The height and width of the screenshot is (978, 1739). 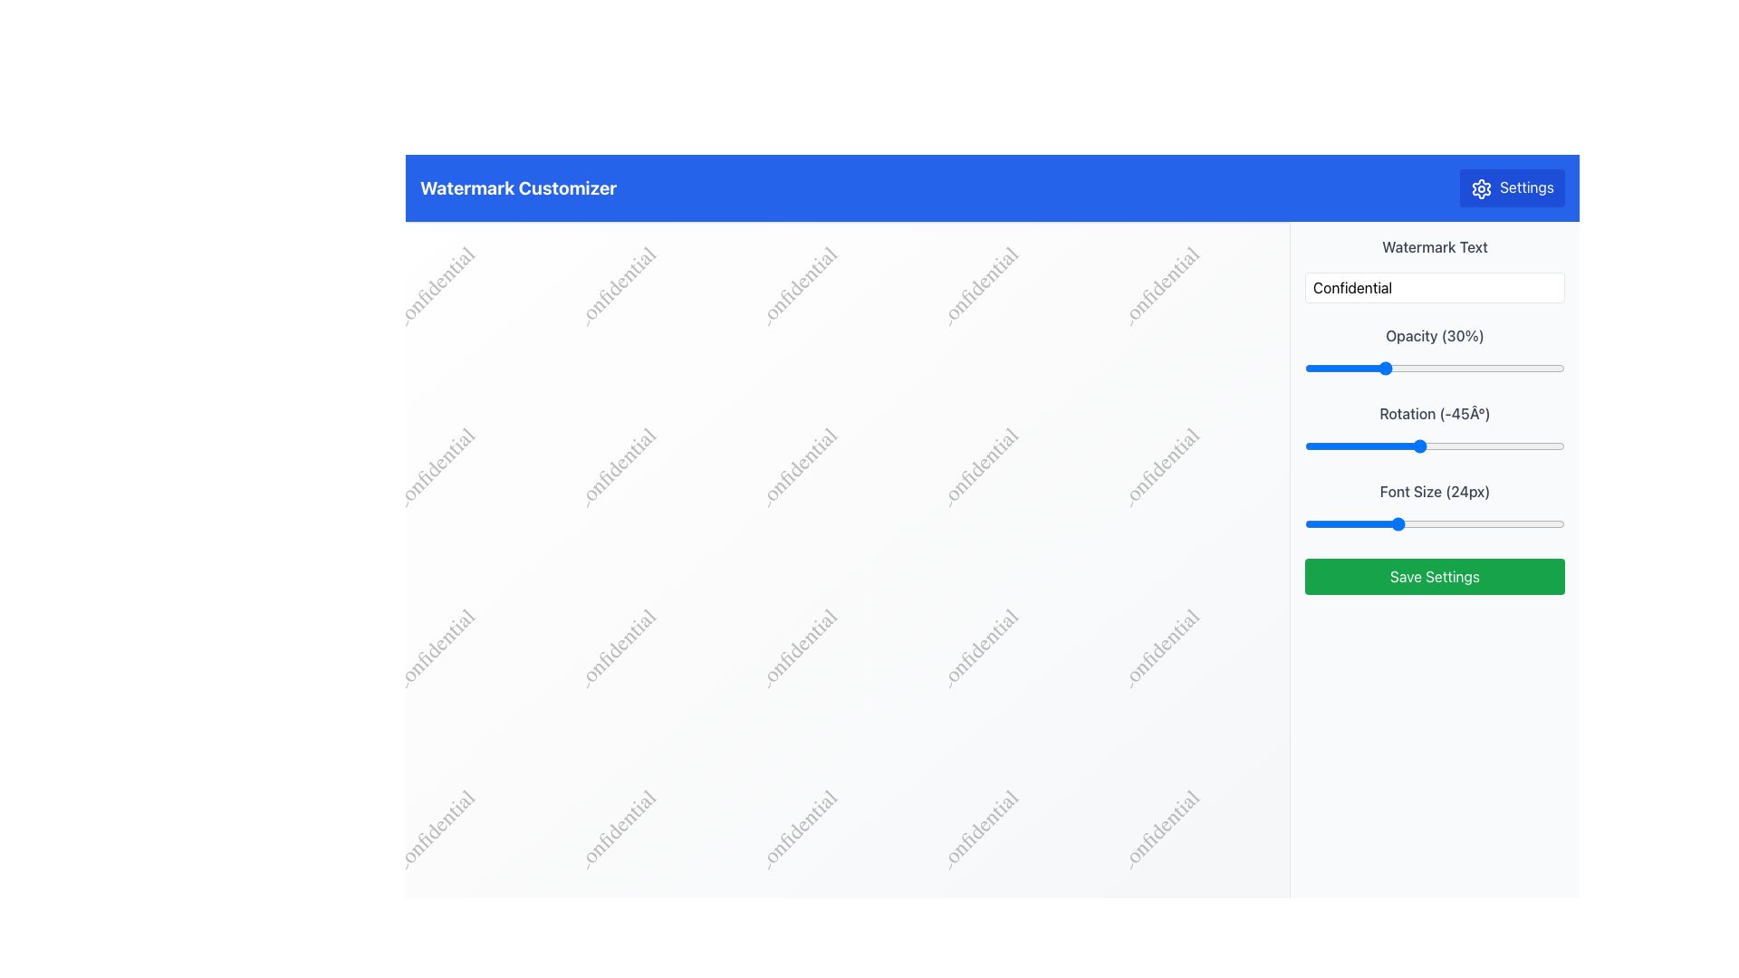 I want to click on the gear-shaped icon located at the top-right corner of the interface, which is part of the Settings button and positioned next to the 'Settings' label, so click(x=1482, y=188).